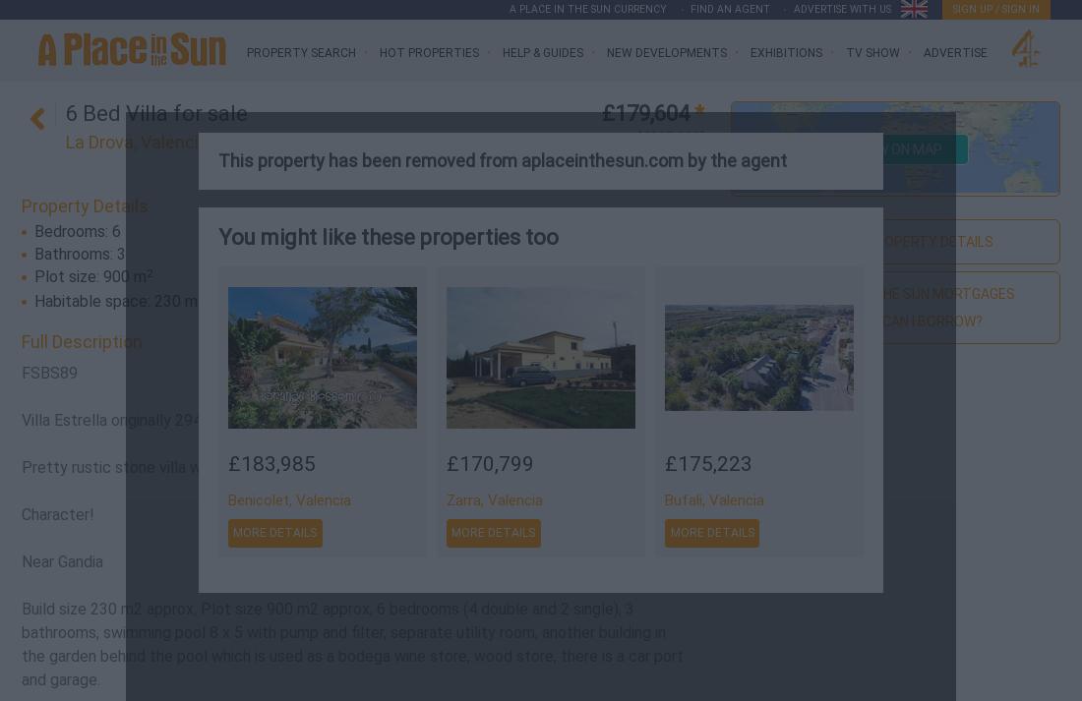 The height and width of the screenshot is (701, 1082). Describe the element at coordinates (922, 52) in the screenshot. I see `'Advertise'` at that location.